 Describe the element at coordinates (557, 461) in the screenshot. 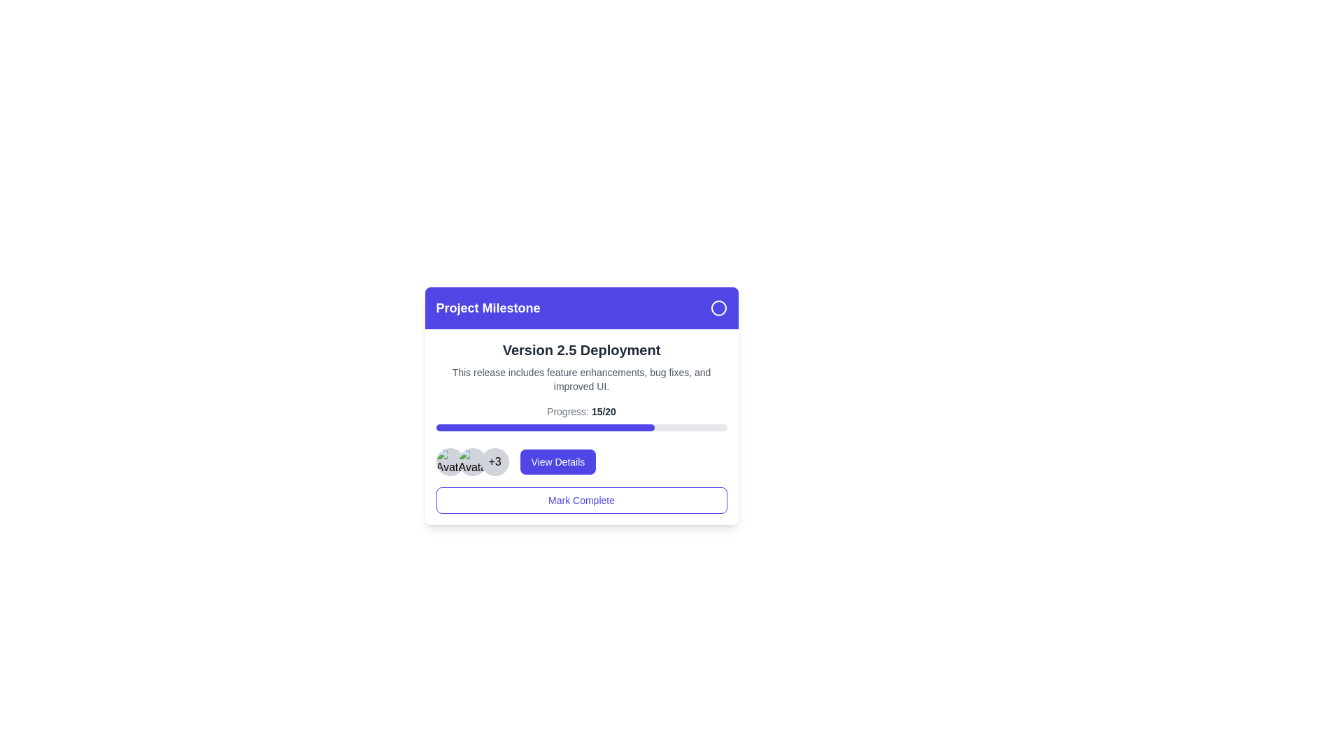

I see `the 'View Details' button, which is a prominent rectangular button with rounded corners and white text on an indigo background, positioned to the right of the avatars section and above the 'Mark Complete' button` at that location.